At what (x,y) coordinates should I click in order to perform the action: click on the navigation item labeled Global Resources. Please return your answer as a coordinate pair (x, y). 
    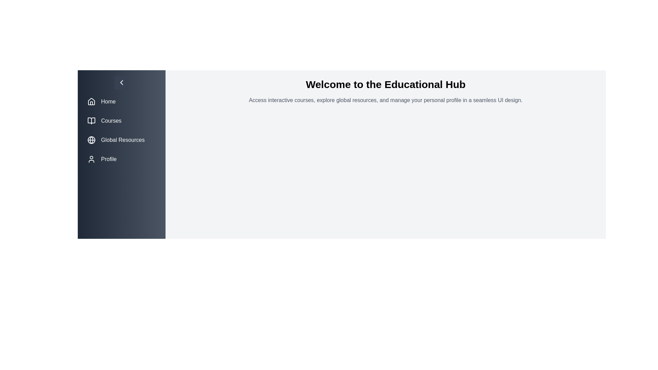
    Looking at the image, I should click on (122, 139).